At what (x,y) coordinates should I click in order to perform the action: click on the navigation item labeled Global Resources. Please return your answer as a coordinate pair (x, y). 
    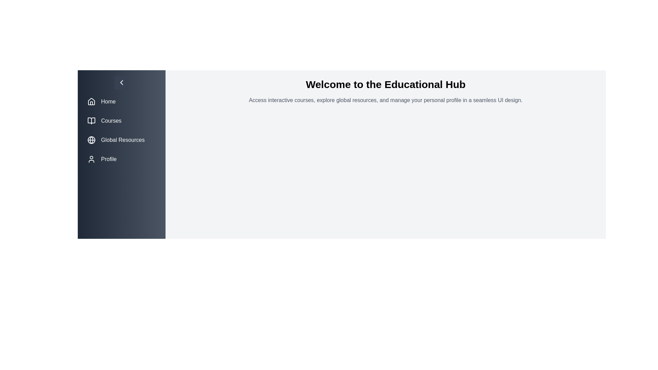
    Looking at the image, I should click on (122, 139).